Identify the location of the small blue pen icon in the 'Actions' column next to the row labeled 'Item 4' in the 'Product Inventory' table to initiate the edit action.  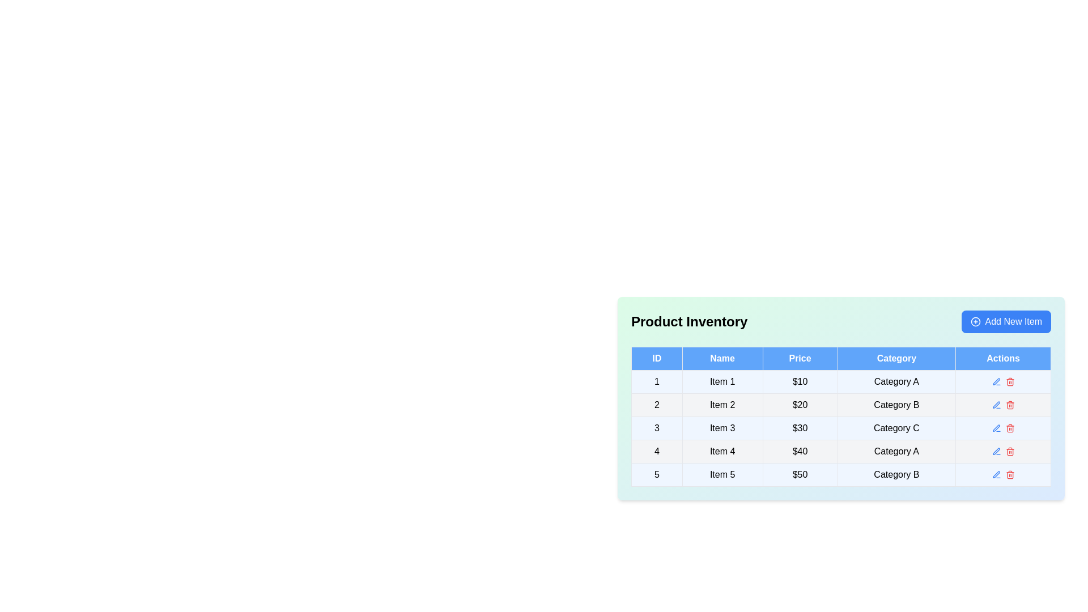
(996, 451).